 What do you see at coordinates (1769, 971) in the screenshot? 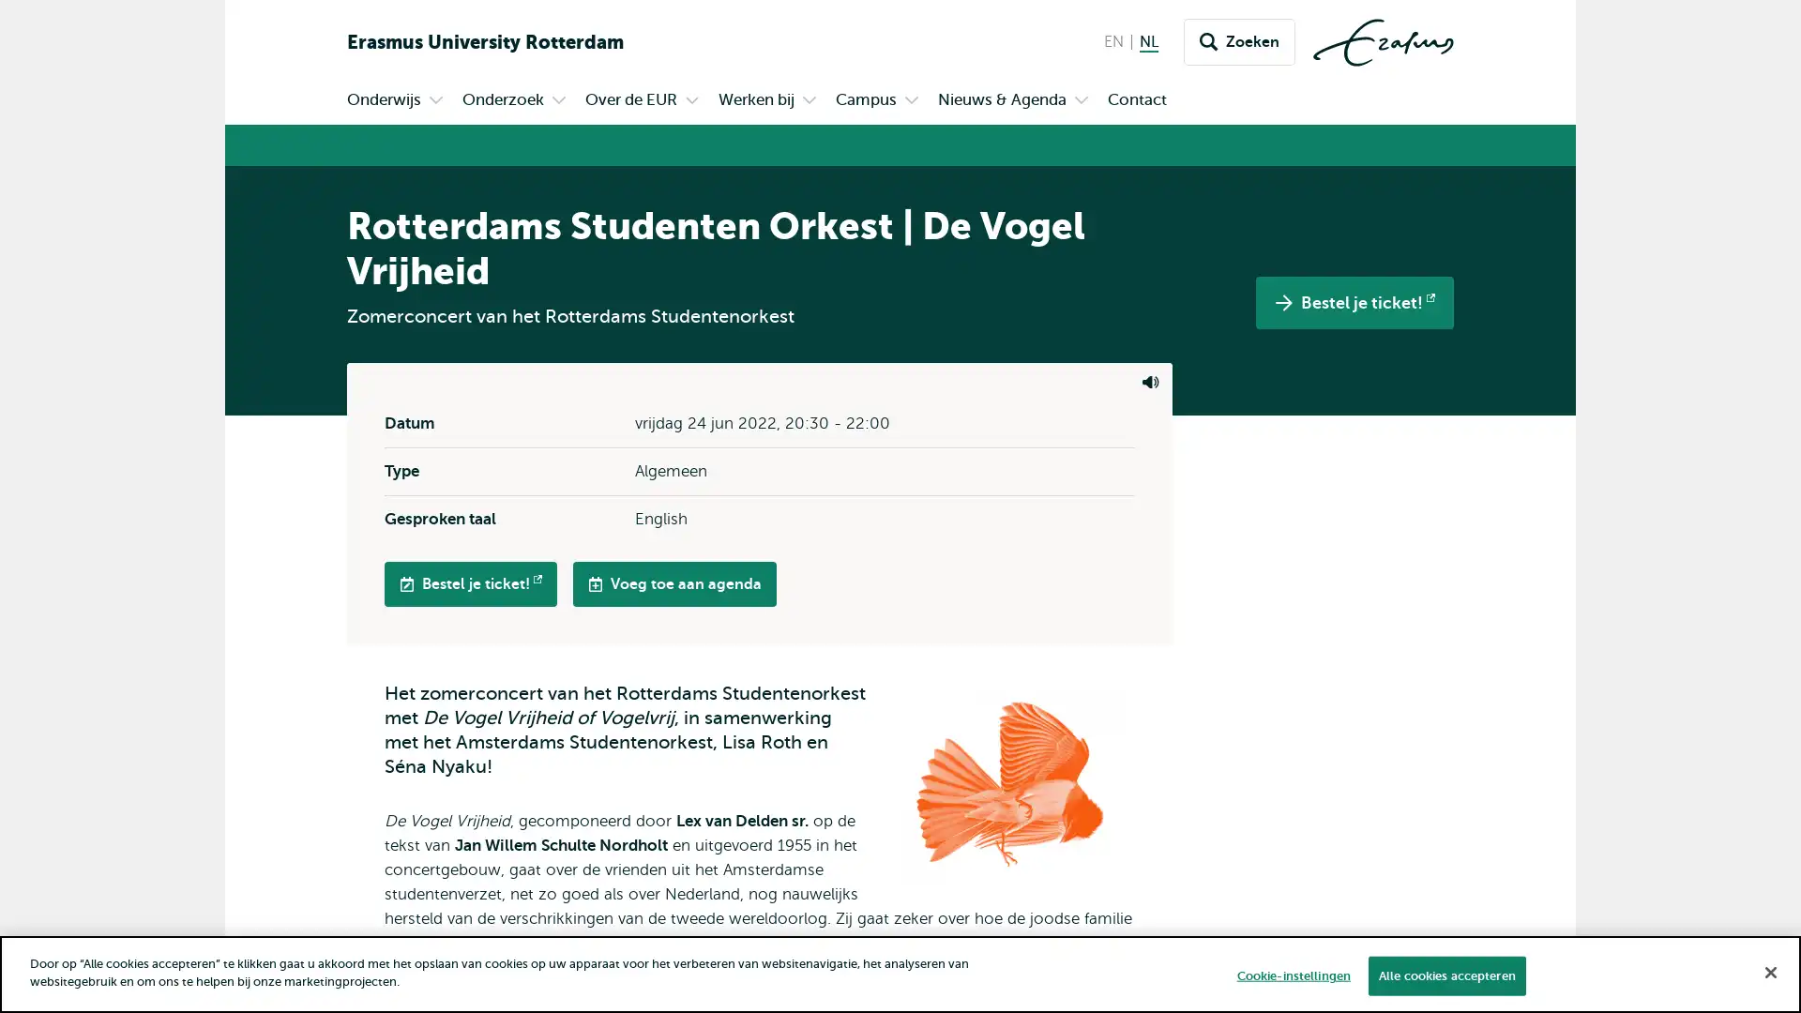
I see `Sluiten` at bounding box center [1769, 971].